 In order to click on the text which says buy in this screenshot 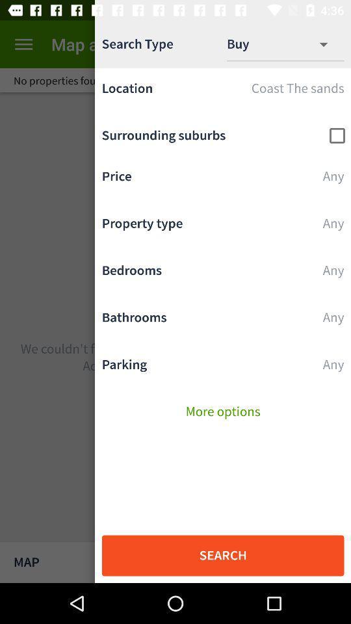, I will do `click(248, 44)`.